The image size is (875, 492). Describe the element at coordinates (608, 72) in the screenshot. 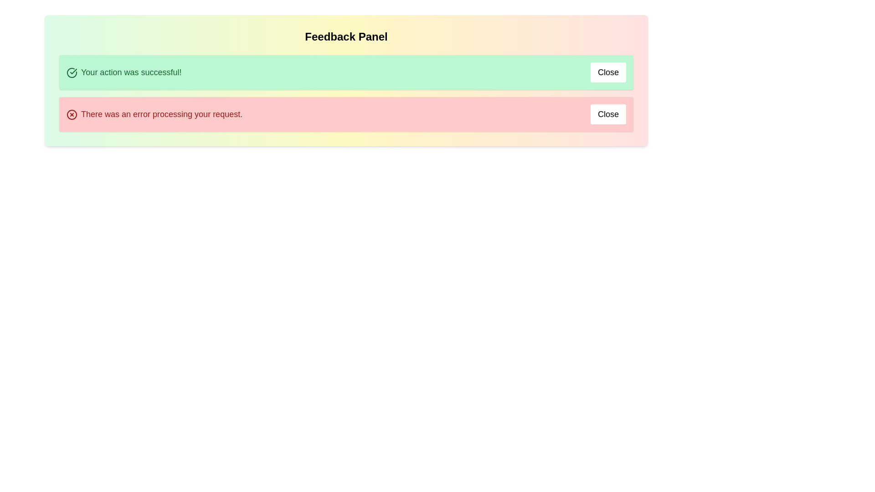

I see `the close button on the right side of the green notification bar that dismisses the success message 'Your action was successful!'` at that location.